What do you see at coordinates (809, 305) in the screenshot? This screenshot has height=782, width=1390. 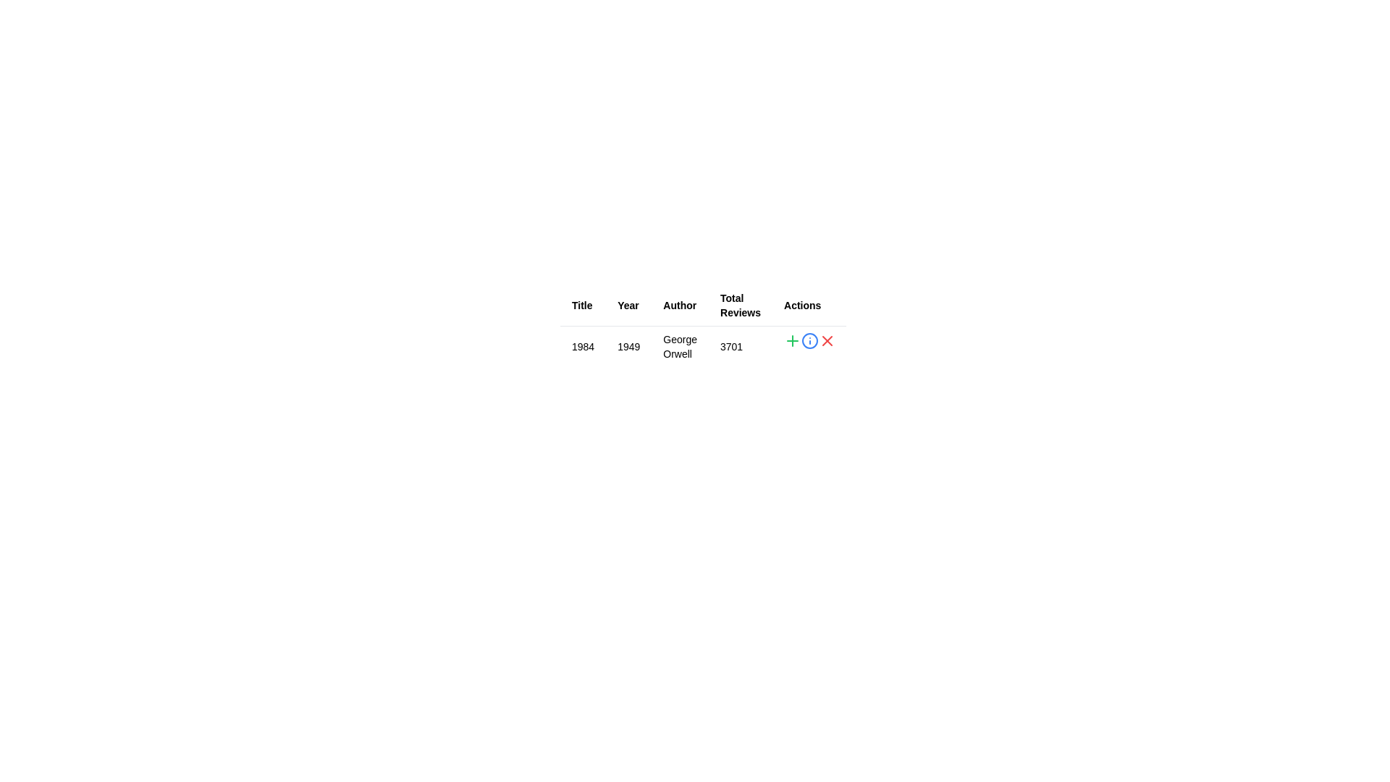 I see `the 'Actions' text label, which is displayed in bold black font and is the rightmost element in the header row of the table` at bounding box center [809, 305].